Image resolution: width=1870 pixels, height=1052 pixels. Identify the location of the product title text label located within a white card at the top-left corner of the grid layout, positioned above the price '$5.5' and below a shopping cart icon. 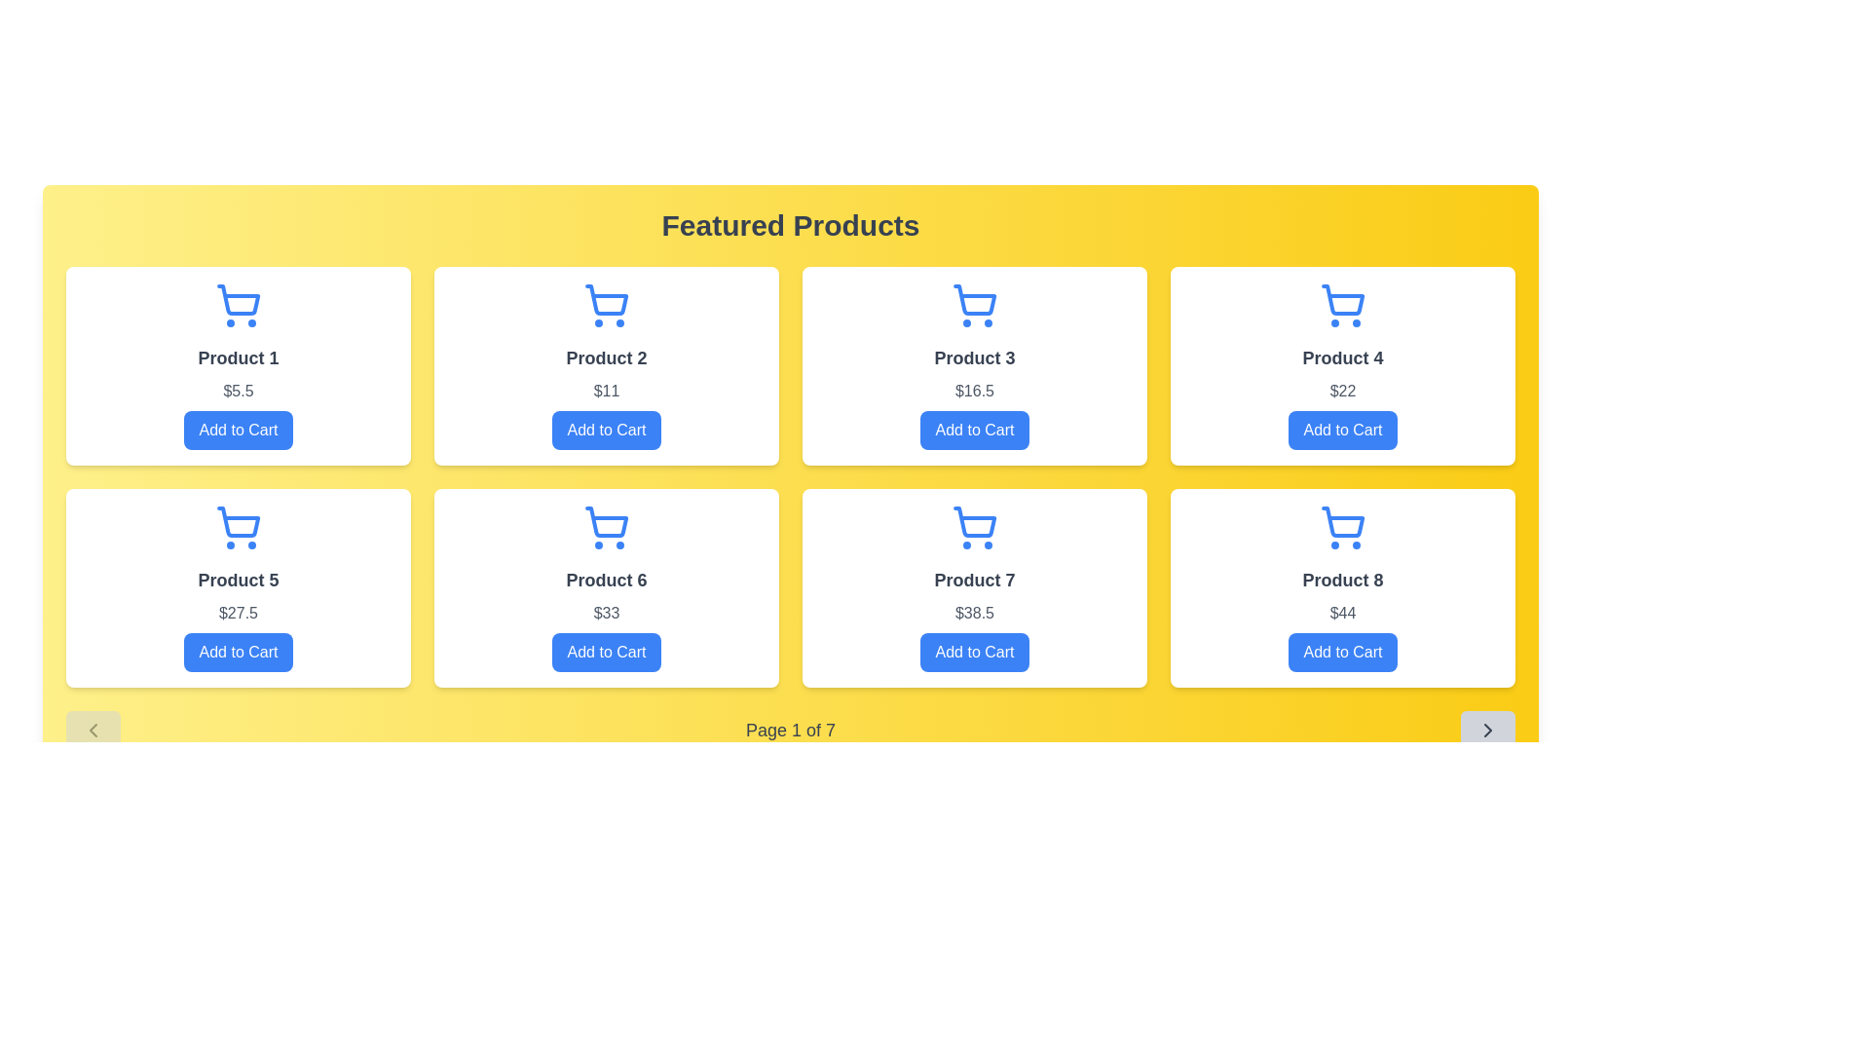
(237, 357).